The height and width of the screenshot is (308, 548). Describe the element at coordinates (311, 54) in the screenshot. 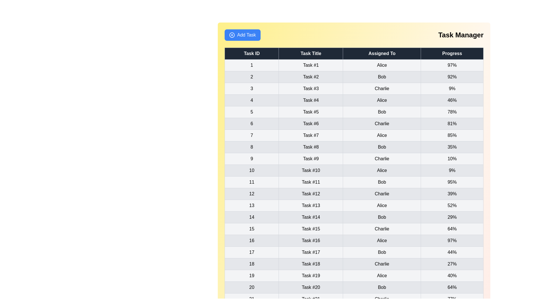

I see `the column header to sort the table by Task Title` at that location.